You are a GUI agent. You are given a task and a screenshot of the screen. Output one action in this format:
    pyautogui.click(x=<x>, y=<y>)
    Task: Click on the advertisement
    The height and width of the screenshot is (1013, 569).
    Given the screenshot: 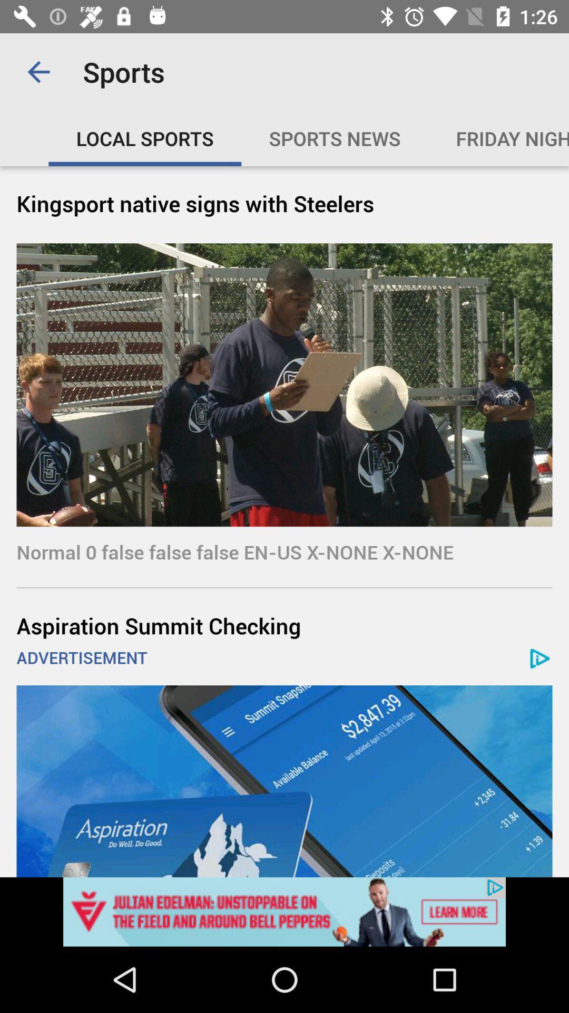 What is the action you would take?
    pyautogui.click(x=284, y=911)
    